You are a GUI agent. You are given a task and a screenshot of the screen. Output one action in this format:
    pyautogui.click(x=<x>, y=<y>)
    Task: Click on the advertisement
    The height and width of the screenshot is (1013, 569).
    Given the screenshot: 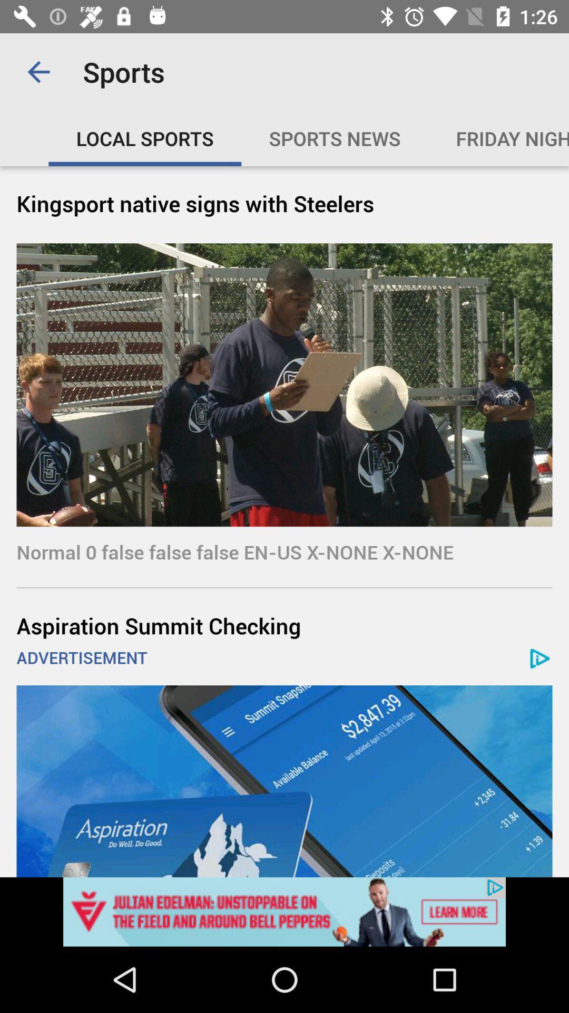 What is the action you would take?
    pyautogui.click(x=284, y=911)
    